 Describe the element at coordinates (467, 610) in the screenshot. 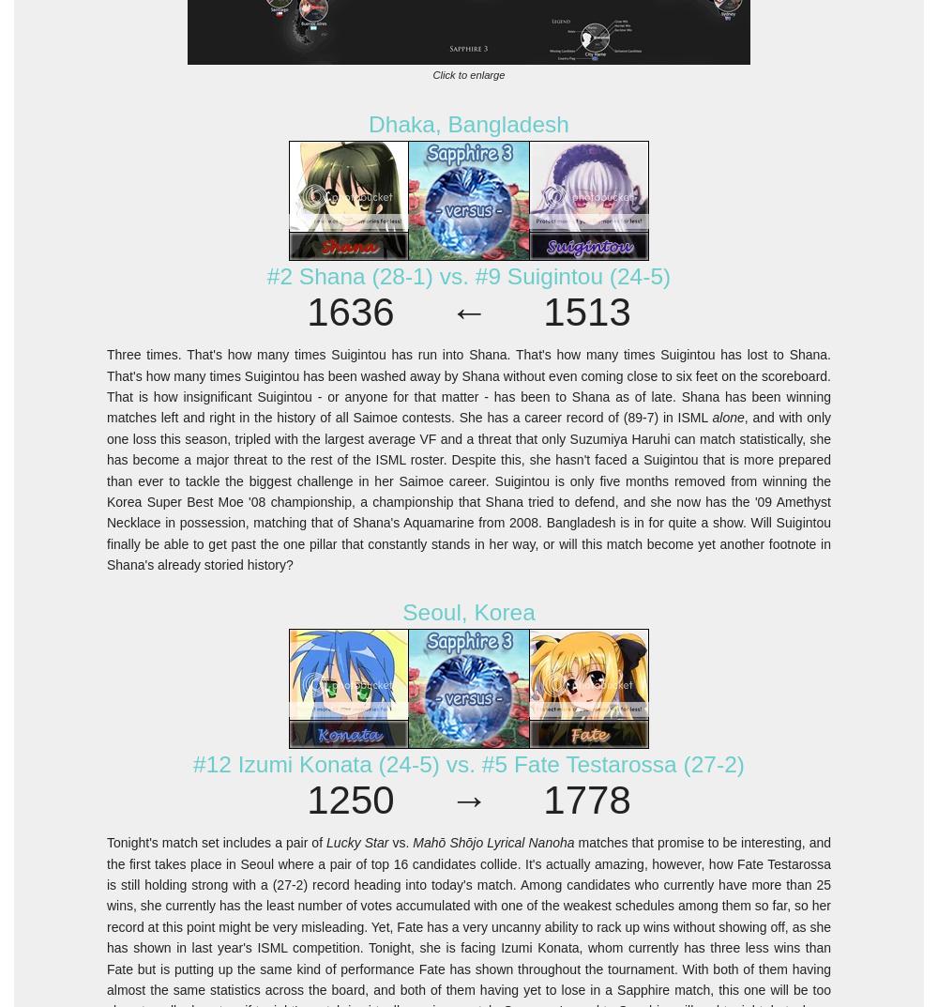

I see `'Seoul, Korea'` at that location.